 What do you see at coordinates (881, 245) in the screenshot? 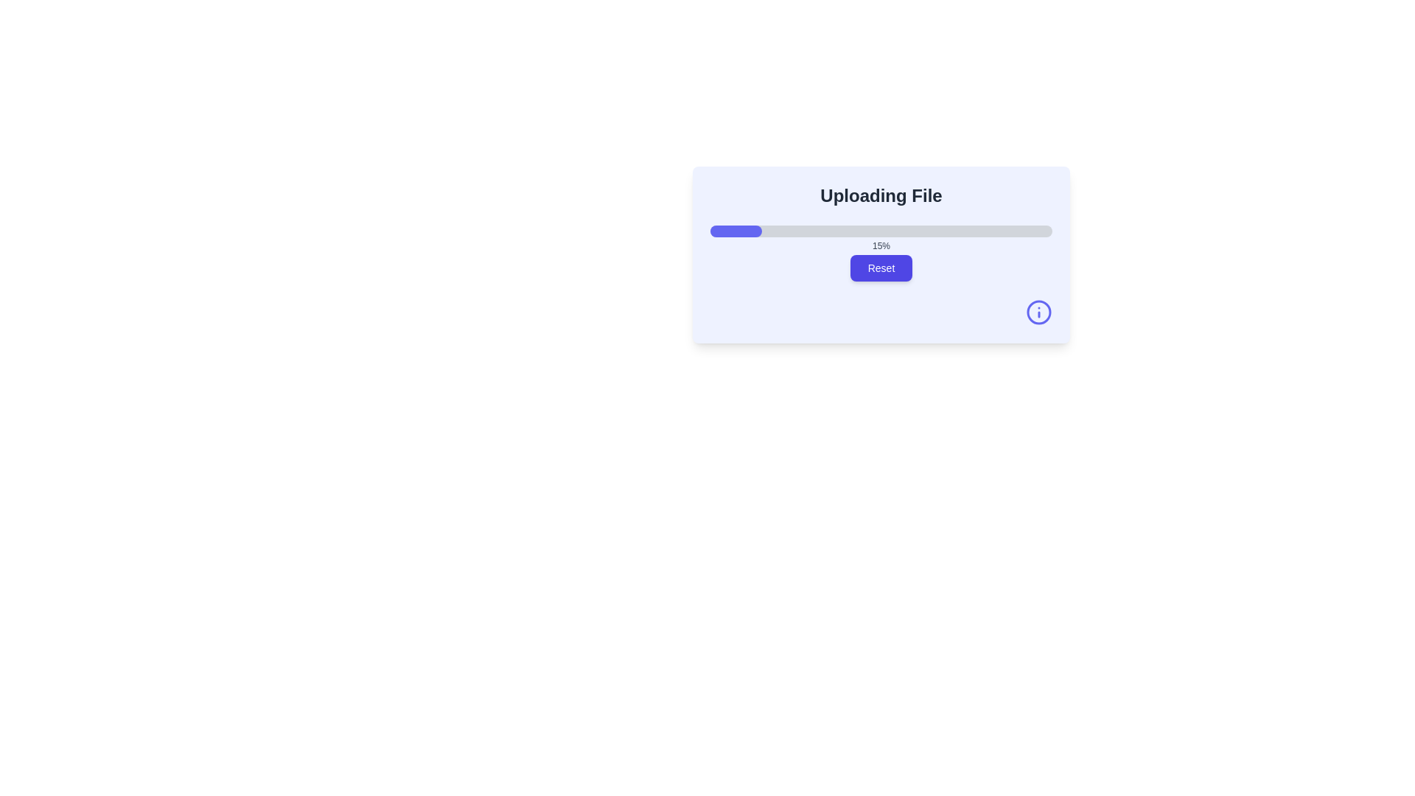
I see `the Text label displaying '10%' which is styled with a small, gray font and positioned slightly above the center of the horizontal progress bar` at bounding box center [881, 245].